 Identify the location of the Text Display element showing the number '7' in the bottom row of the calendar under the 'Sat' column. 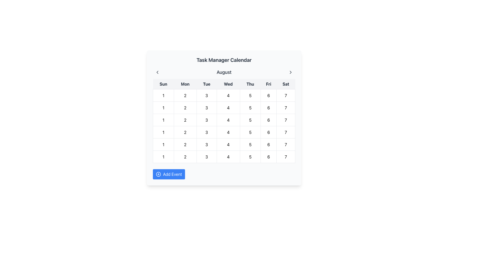
(286, 107).